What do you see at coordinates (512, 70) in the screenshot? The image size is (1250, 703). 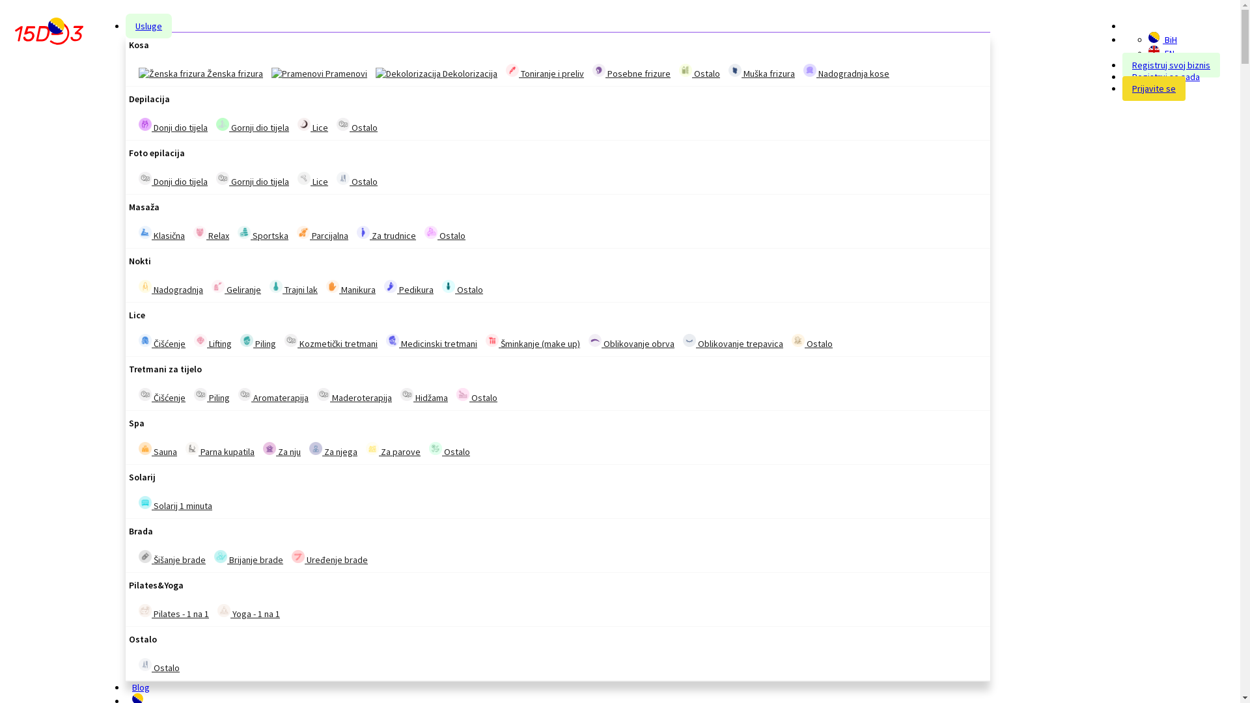 I see `'Toniranje i preliv'` at bounding box center [512, 70].